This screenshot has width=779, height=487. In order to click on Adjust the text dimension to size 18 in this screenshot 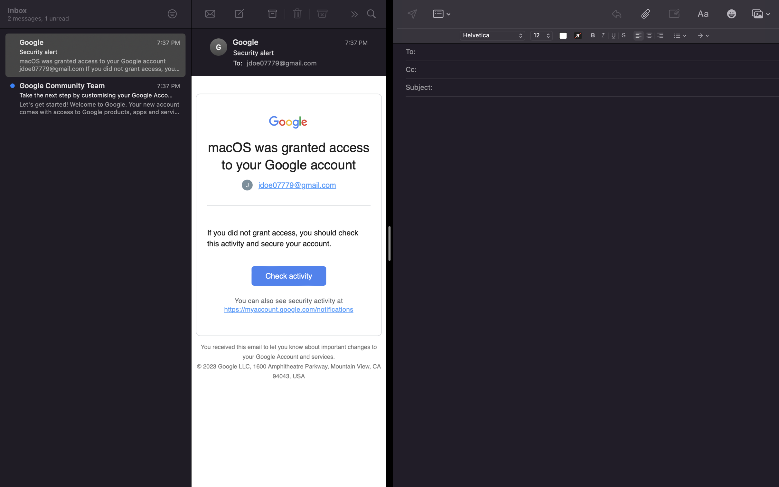, I will do `click(541, 36)`.